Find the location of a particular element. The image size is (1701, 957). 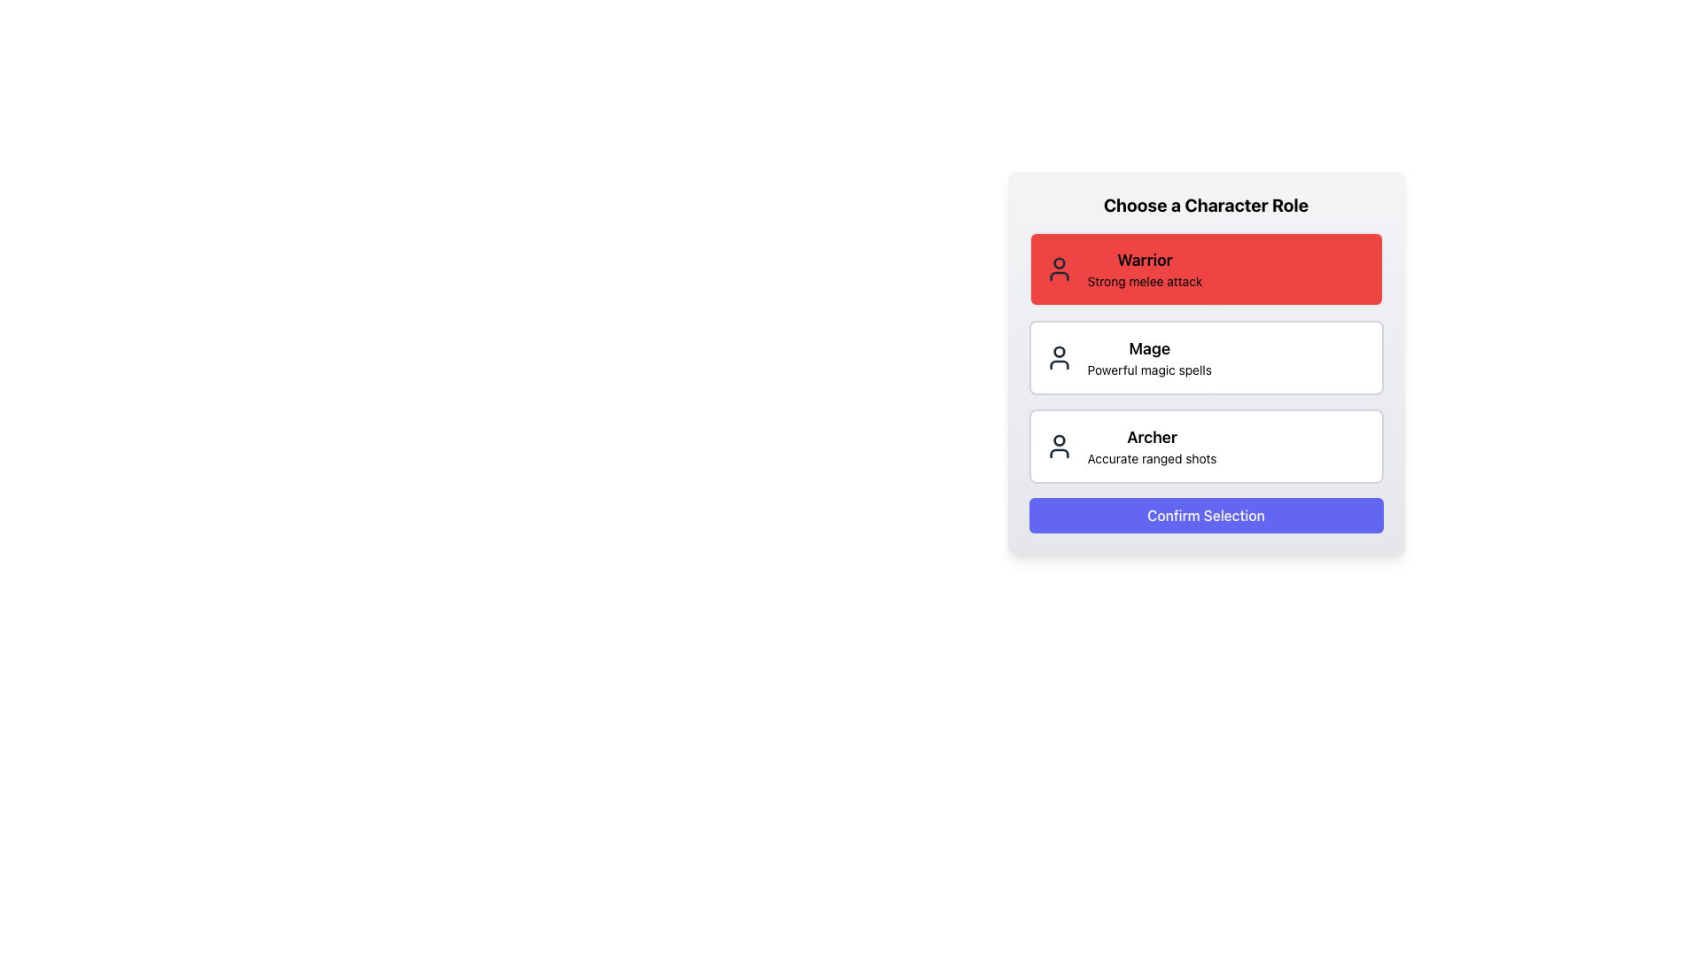

the 'Confirm Selection' button, which has a purple background and white text, located at the bottom of the user choice panel is located at coordinates (1205, 516).